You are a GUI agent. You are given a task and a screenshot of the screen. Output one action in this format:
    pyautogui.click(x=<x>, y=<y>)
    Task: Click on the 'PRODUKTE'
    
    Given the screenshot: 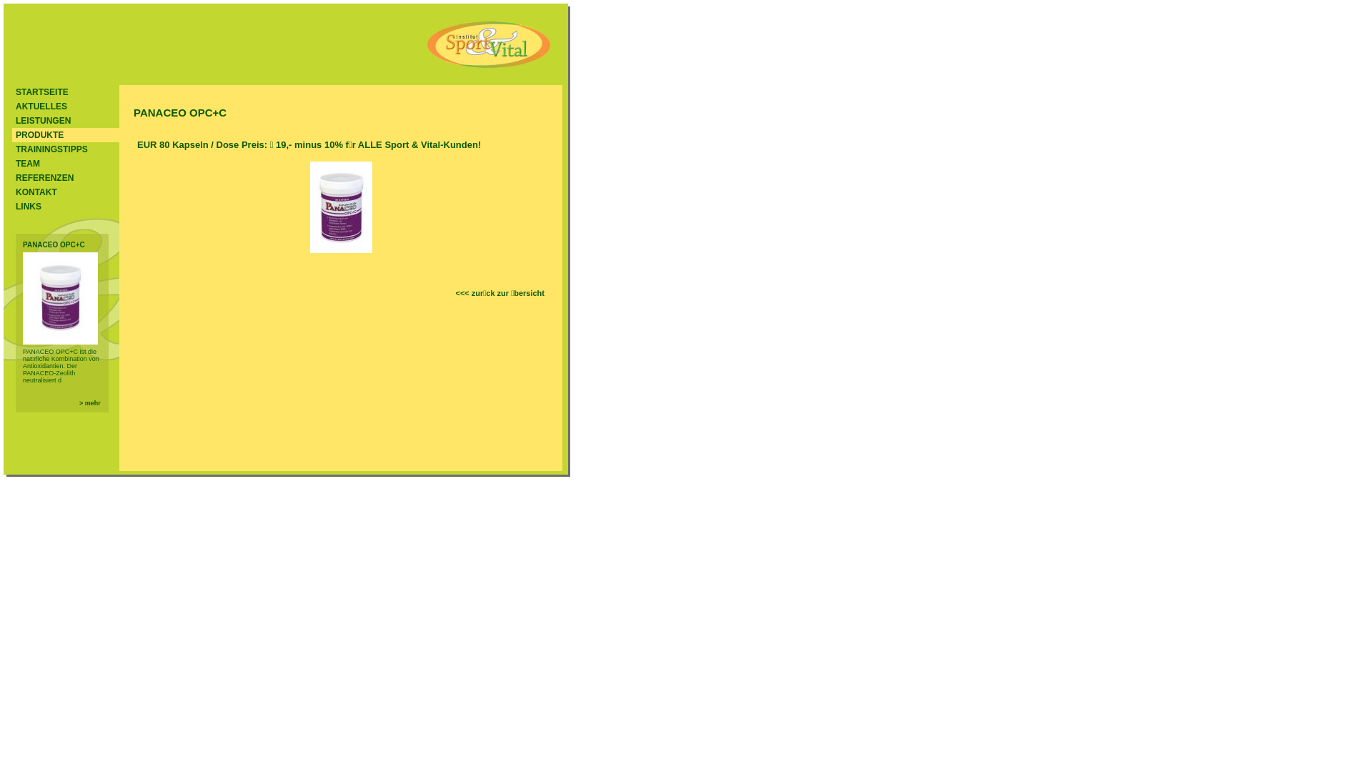 What is the action you would take?
    pyautogui.click(x=64, y=135)
    